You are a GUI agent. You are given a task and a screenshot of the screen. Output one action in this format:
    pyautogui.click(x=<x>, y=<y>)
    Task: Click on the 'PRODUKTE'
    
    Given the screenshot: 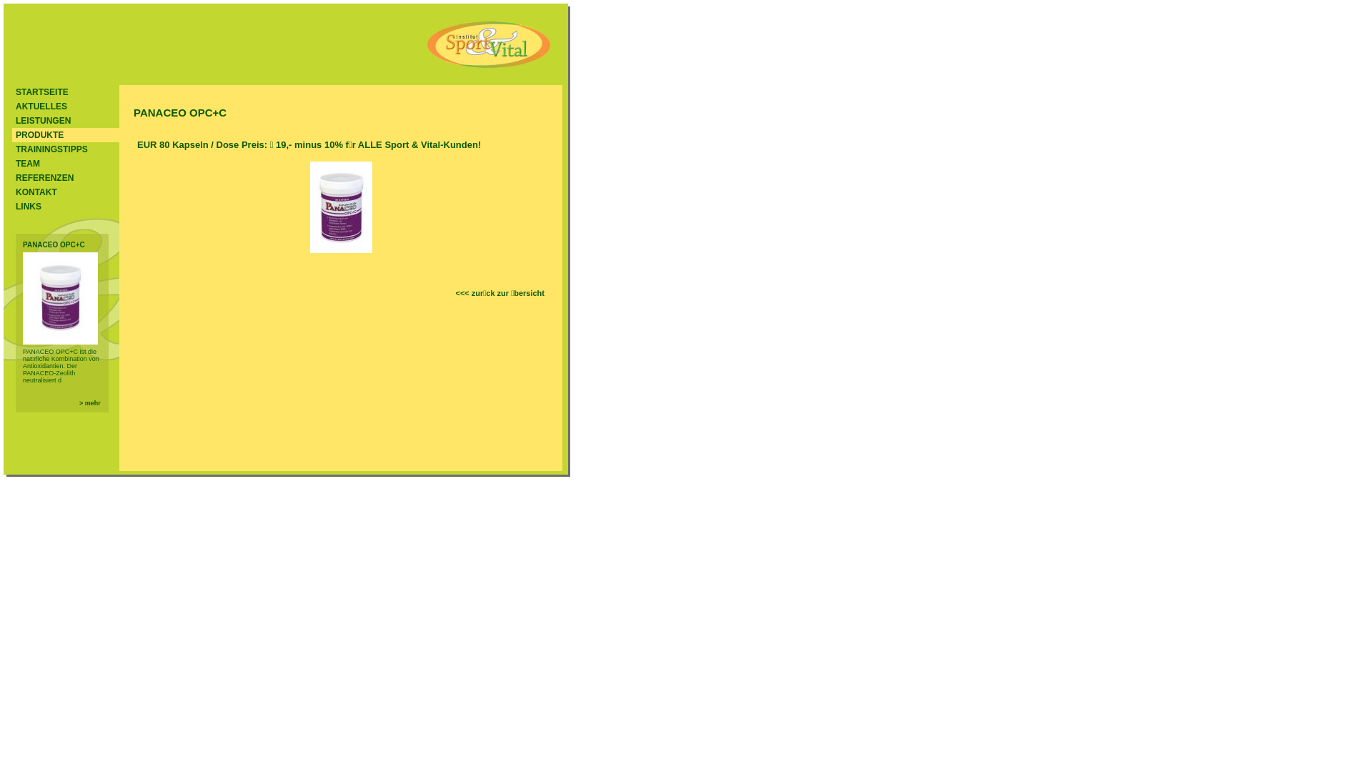 What is the action you would take?
    pyautogui.click(x=64, y=135)
    